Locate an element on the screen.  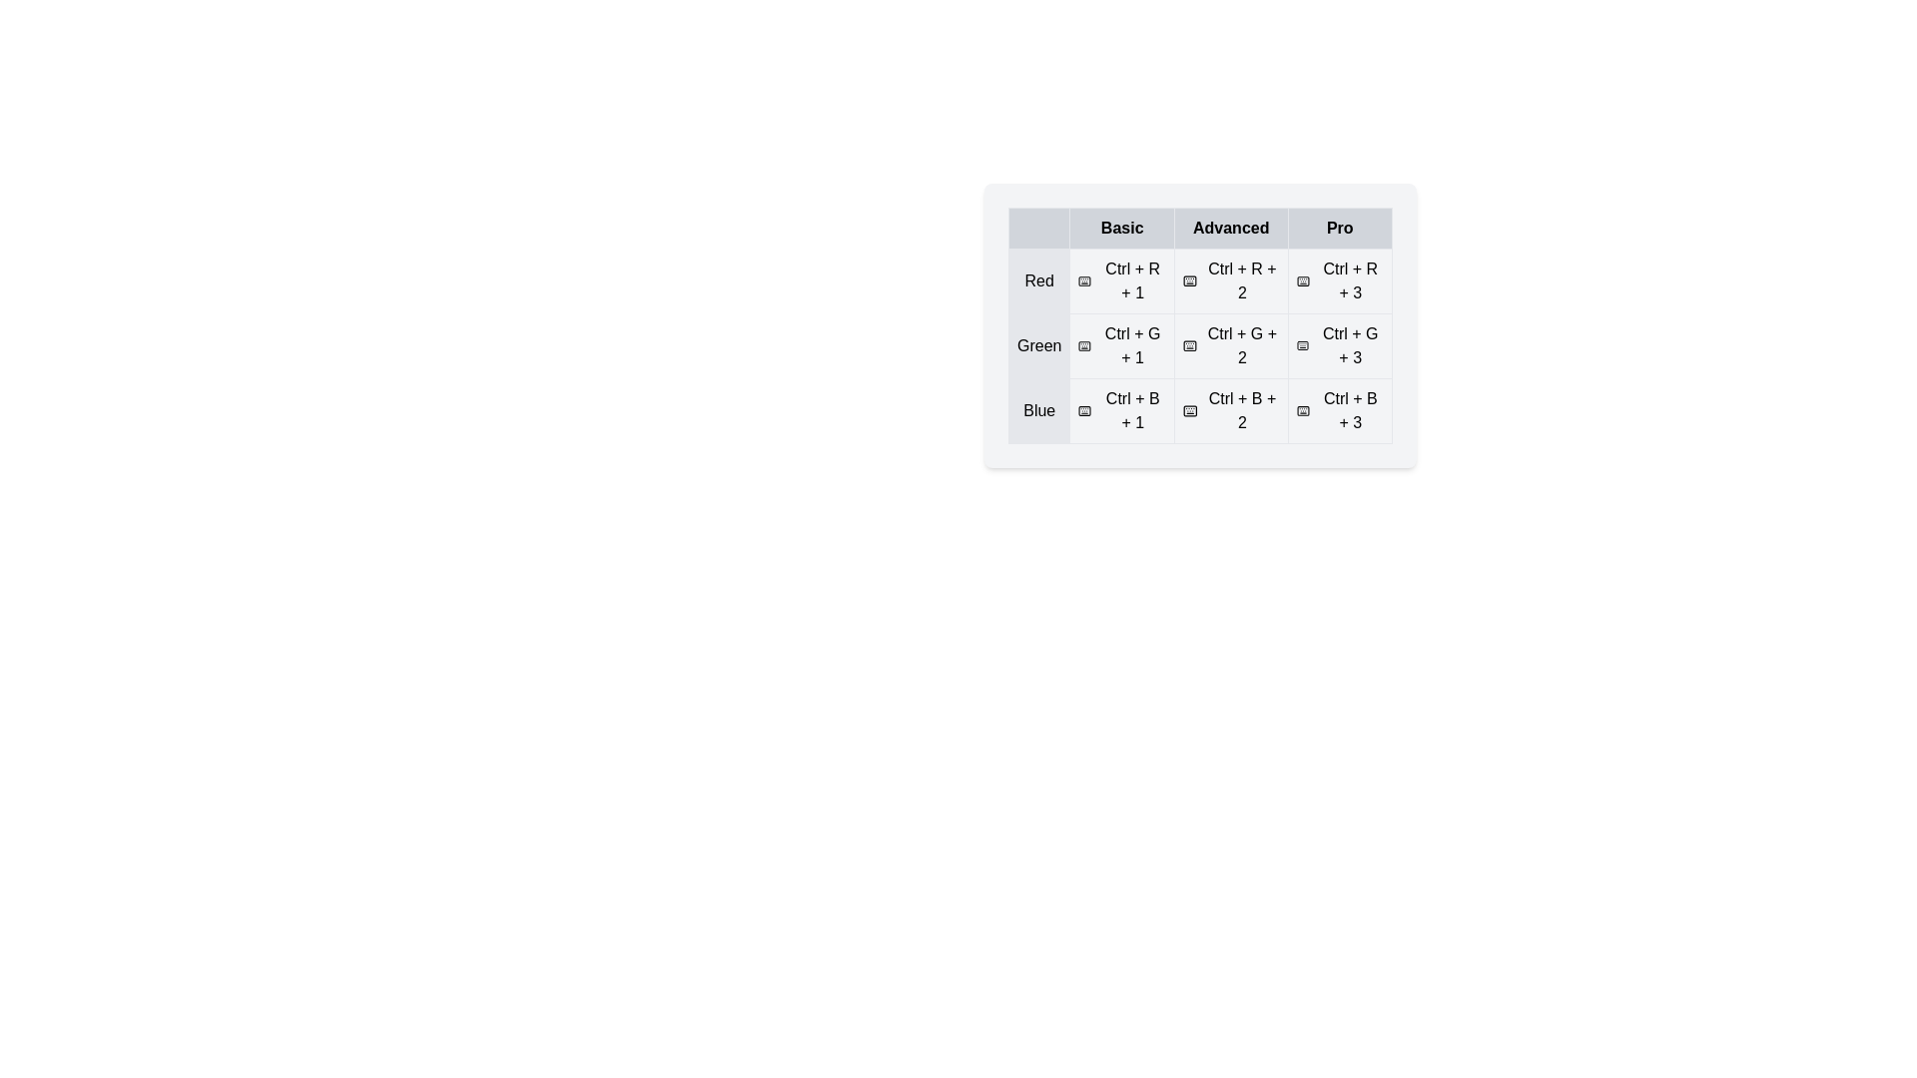
the Text Label with Icon displaying 'Ctrl + G + 3' next to a keyboard icon in the 'Pro' column and 'Green' row of the table is located at coordinates (1340, 345).